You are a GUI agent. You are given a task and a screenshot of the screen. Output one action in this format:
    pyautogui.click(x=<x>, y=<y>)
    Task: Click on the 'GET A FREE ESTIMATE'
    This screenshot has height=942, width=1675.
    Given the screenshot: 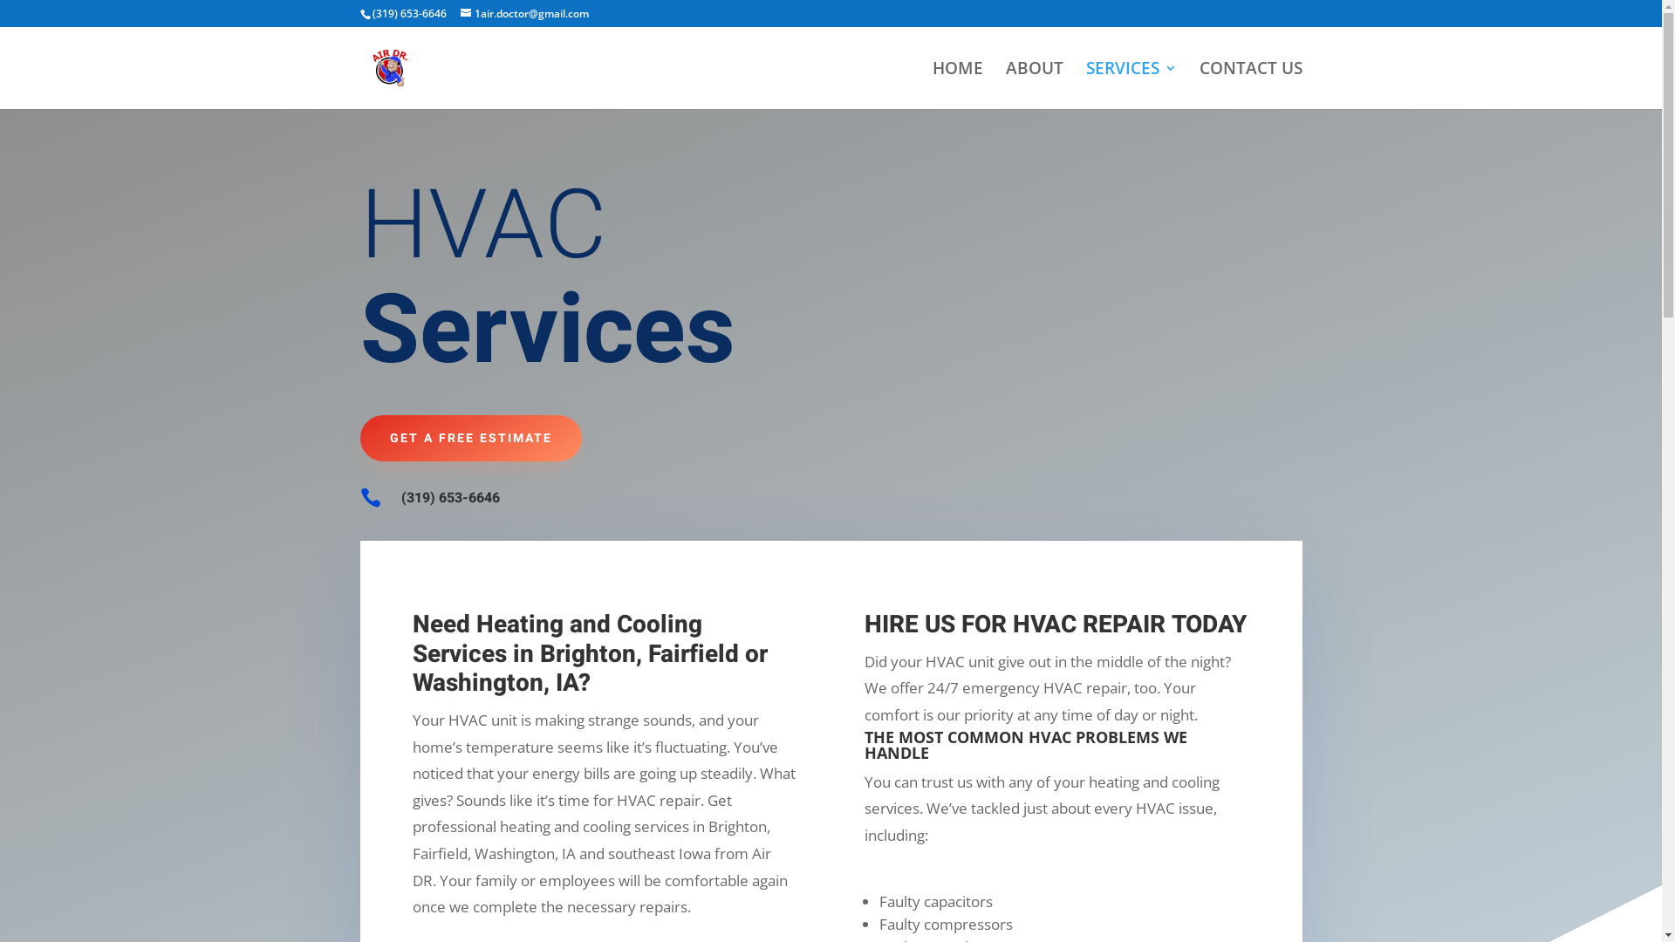 What is the action you would take?
    pyautogui.click(x=469, y=437)
    